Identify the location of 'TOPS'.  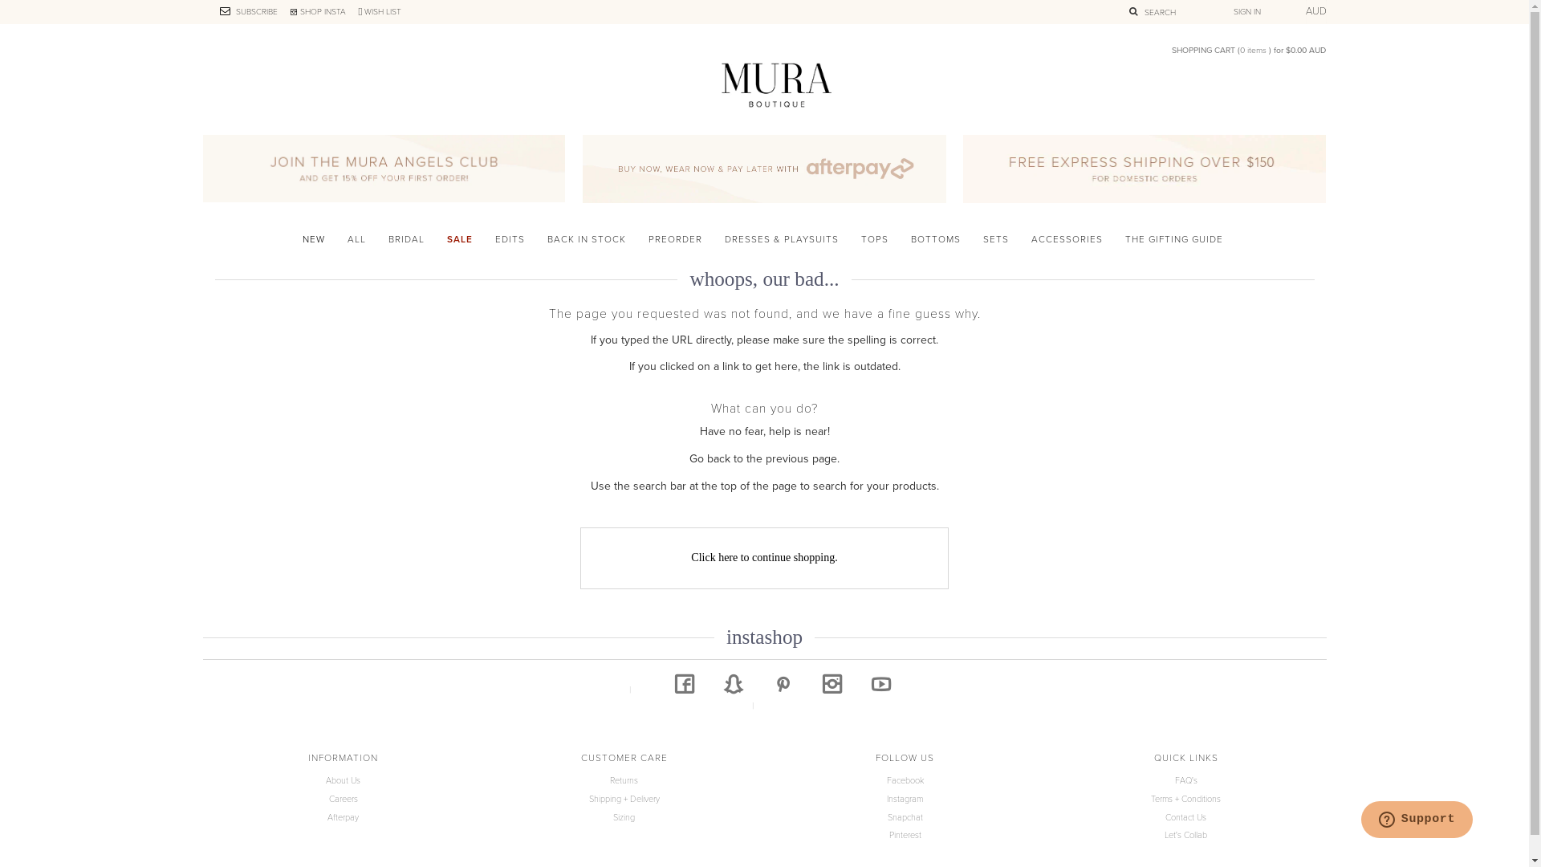
(873, 239).